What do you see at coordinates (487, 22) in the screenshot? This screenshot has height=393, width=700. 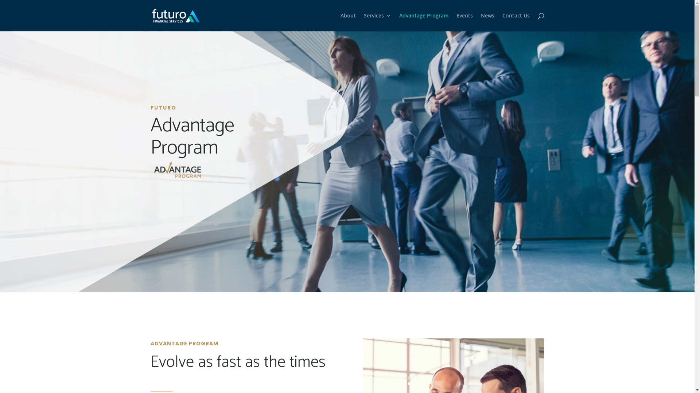 I see `'News'` at bounding box center [487, 22].